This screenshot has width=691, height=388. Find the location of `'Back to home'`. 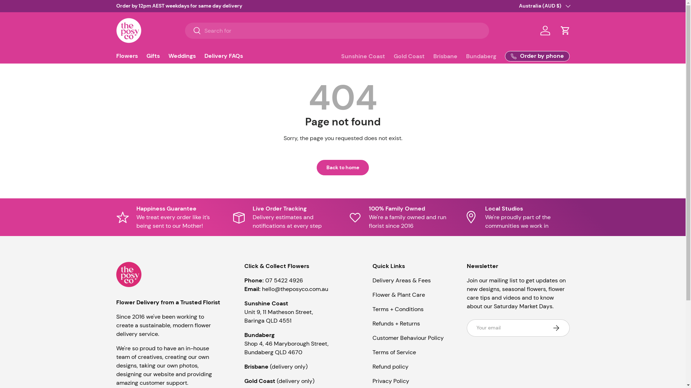

'Back to home' is located at coordinates (342, 167).